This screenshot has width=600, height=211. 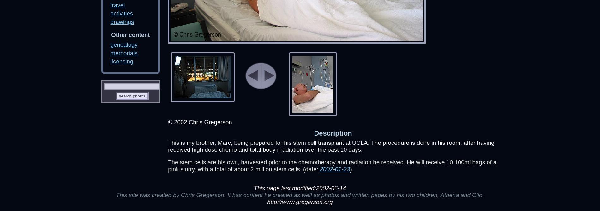 What do you see at coordinates (332, 166) in the screenshot?
I see `'The stem cells are his own, harvested prior to the chemotherapy and radiation he received. He will receive 10 100ml bags of a pink slurry, with a total of about 2 million stem cells.
 (date:'` at bounding box center [332, 166].